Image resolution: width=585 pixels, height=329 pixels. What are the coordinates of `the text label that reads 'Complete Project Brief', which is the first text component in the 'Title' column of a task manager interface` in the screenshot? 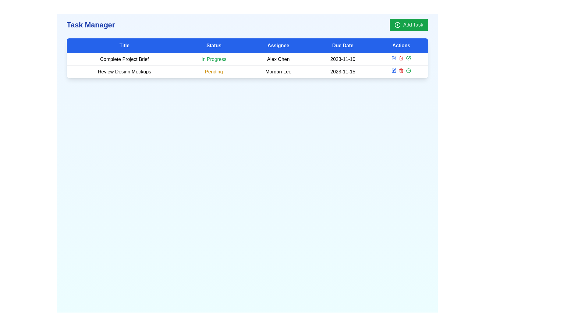 It's located at (124, 59).